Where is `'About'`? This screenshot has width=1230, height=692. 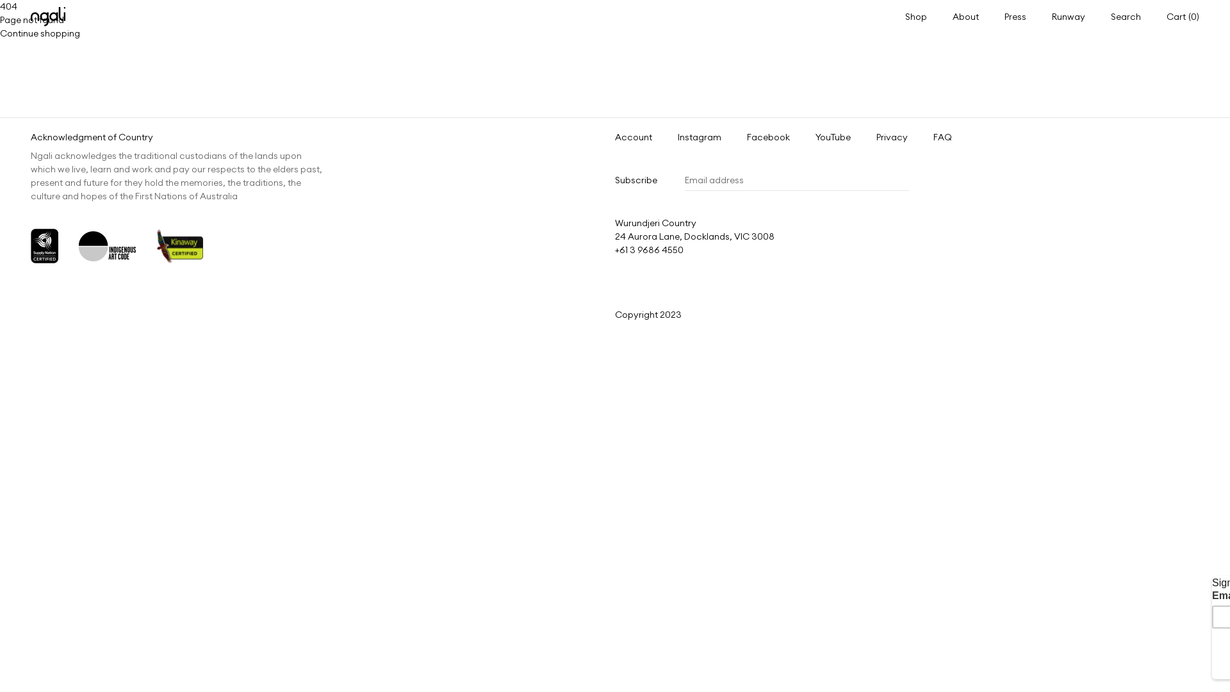 'About' is located at coordinates (965, 15).